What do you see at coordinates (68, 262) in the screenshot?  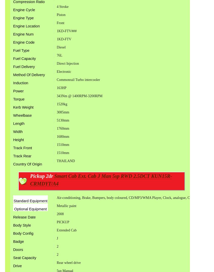 I see `'Rear wheel drive'` at bounding box center [68, 262].